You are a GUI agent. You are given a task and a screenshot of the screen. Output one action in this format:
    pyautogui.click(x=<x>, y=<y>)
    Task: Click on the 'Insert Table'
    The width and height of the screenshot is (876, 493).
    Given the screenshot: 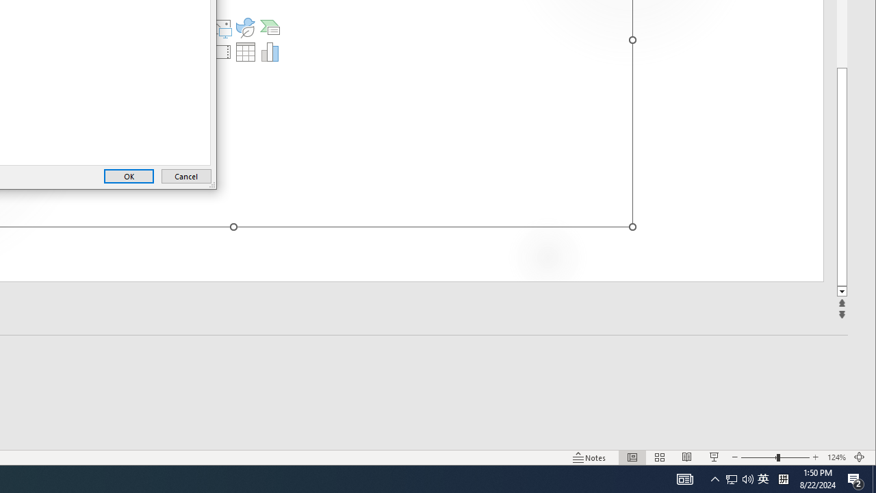 What is the action you would take?
    pyautogui.click(x=246, y=51)
    